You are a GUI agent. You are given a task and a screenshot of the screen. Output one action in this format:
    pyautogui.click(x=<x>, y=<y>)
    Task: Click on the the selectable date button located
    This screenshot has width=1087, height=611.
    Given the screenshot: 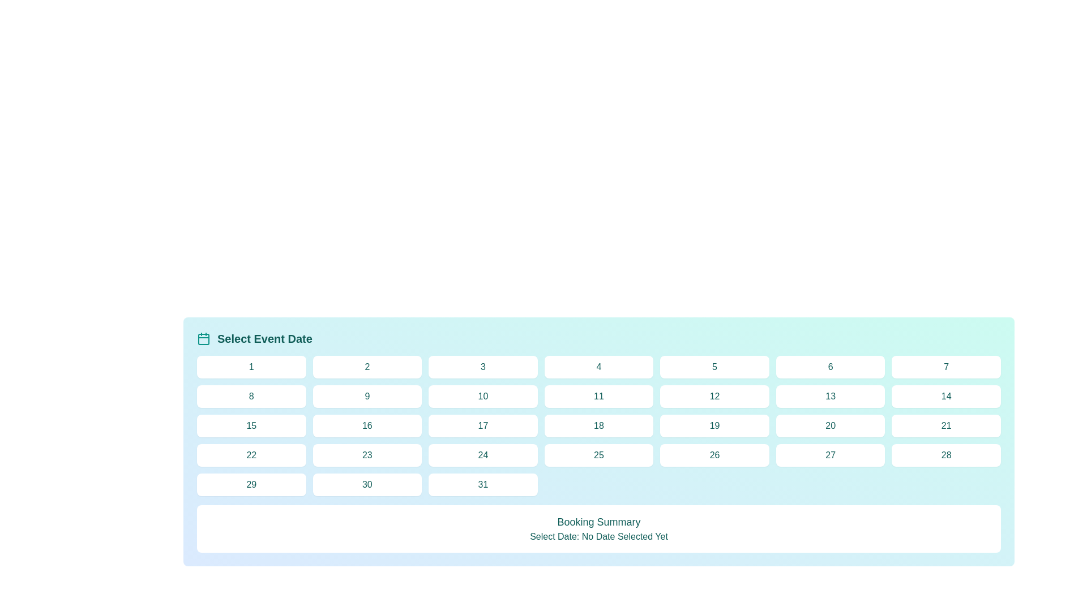 What is the action you would take?
    pyautogui.click(x=831, y=455)
    